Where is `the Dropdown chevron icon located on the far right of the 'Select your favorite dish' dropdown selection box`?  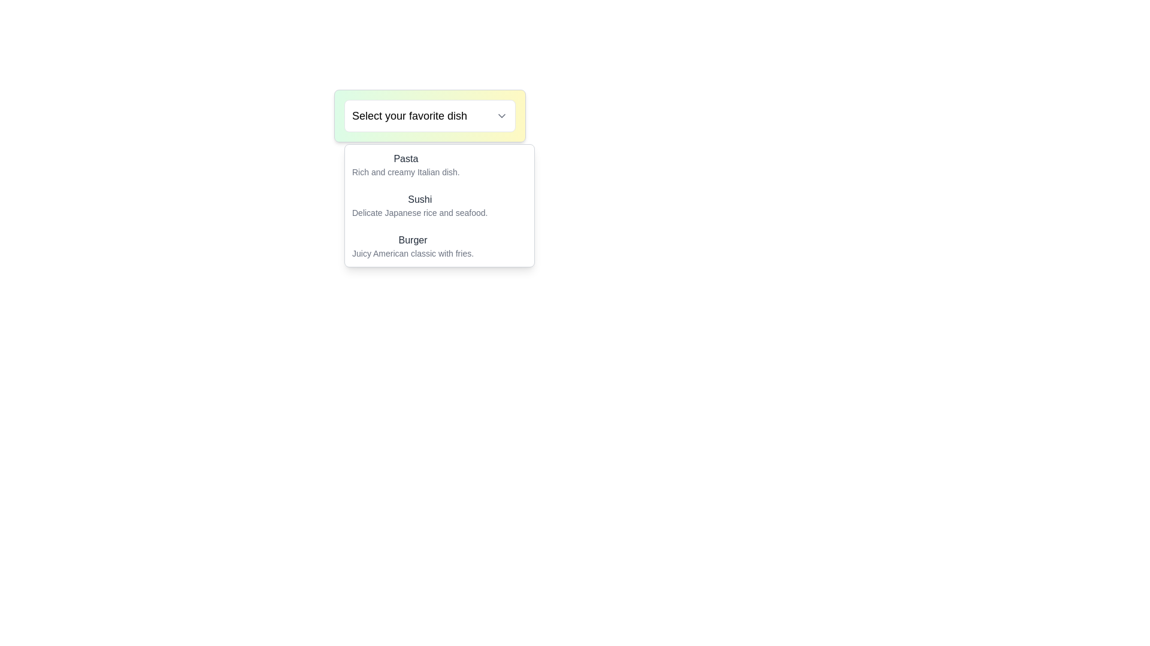 the Dropdown chevron icon located on the far right of the 'Select your favorite dish' dropdown selection box is located at coordinates (502, 115).